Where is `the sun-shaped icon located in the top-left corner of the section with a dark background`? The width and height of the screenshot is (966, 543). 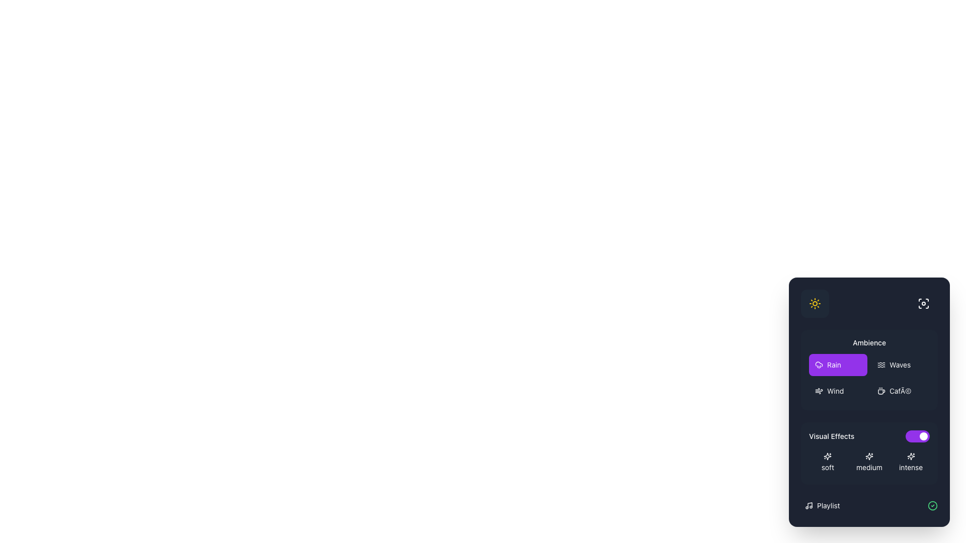
the sun-shaped icon located in the top-left corner of the section with a dark background is located at coordinates (815, 303).